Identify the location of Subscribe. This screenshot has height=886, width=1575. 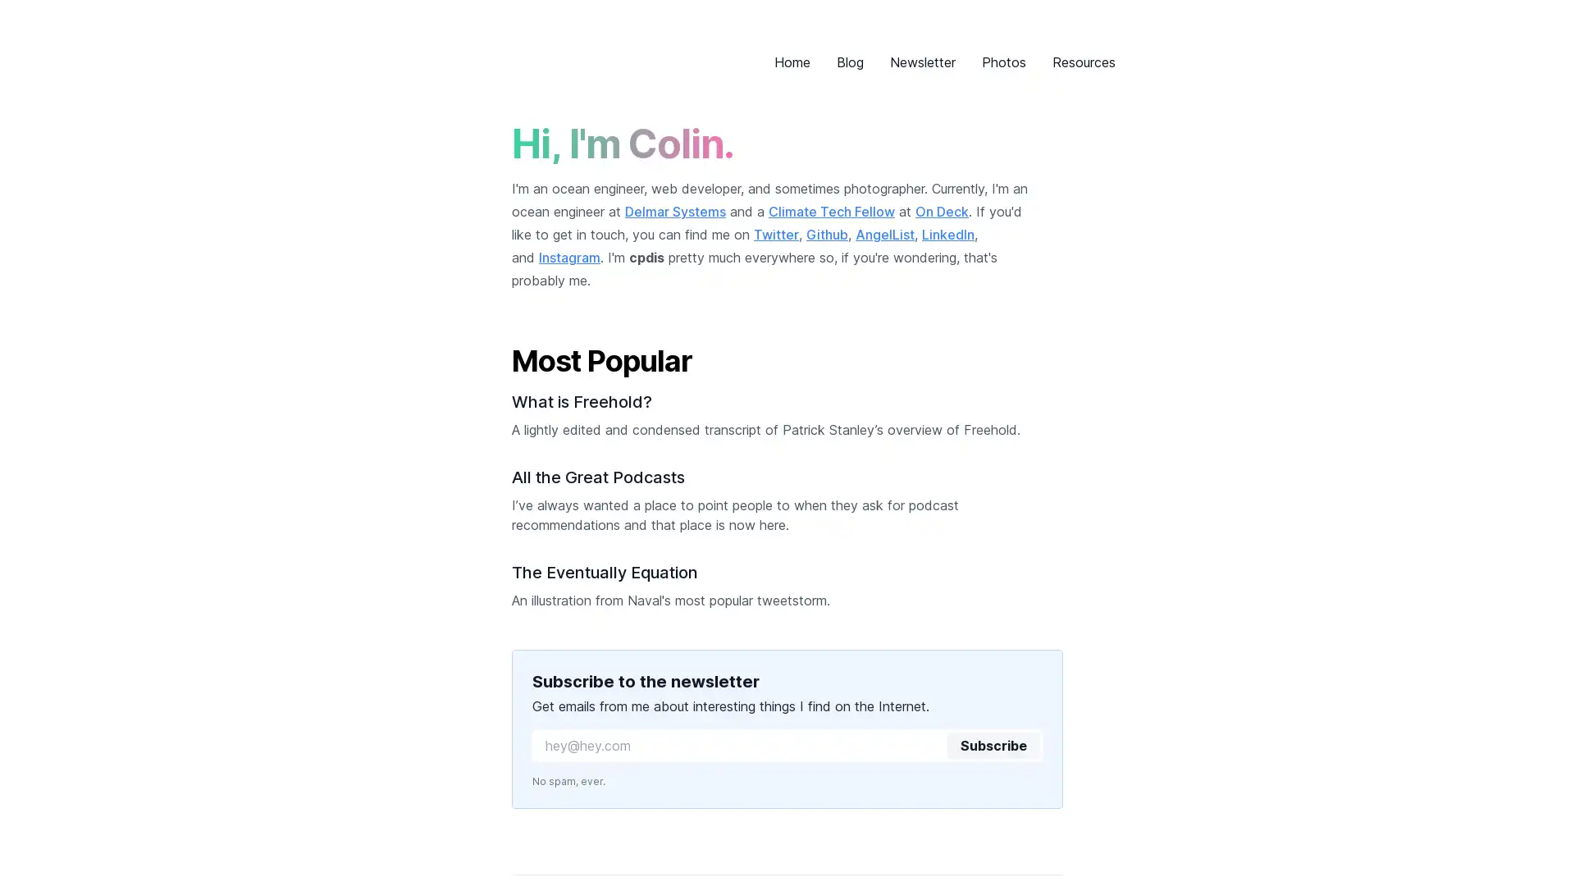
(992, 746).